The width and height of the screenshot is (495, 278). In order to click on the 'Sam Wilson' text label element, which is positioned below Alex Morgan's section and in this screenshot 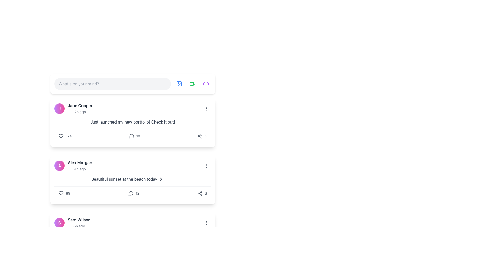, I will do `click(79, 223)`.